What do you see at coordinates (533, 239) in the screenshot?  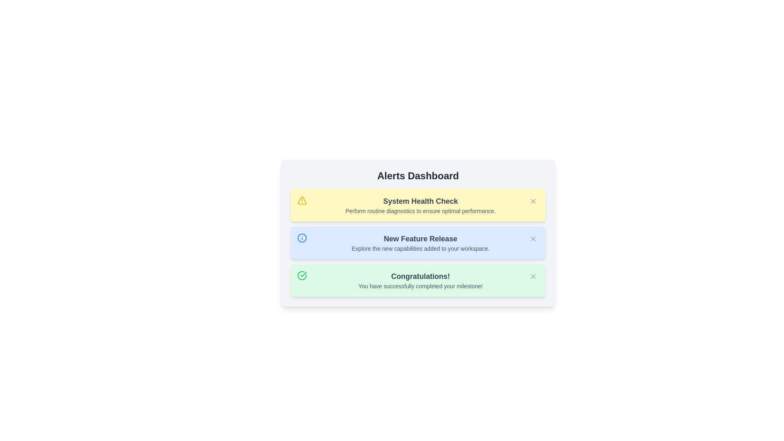 I see `the dismiss button for the alert titled 'New Feature Release'` at bounding box center [533, 239].